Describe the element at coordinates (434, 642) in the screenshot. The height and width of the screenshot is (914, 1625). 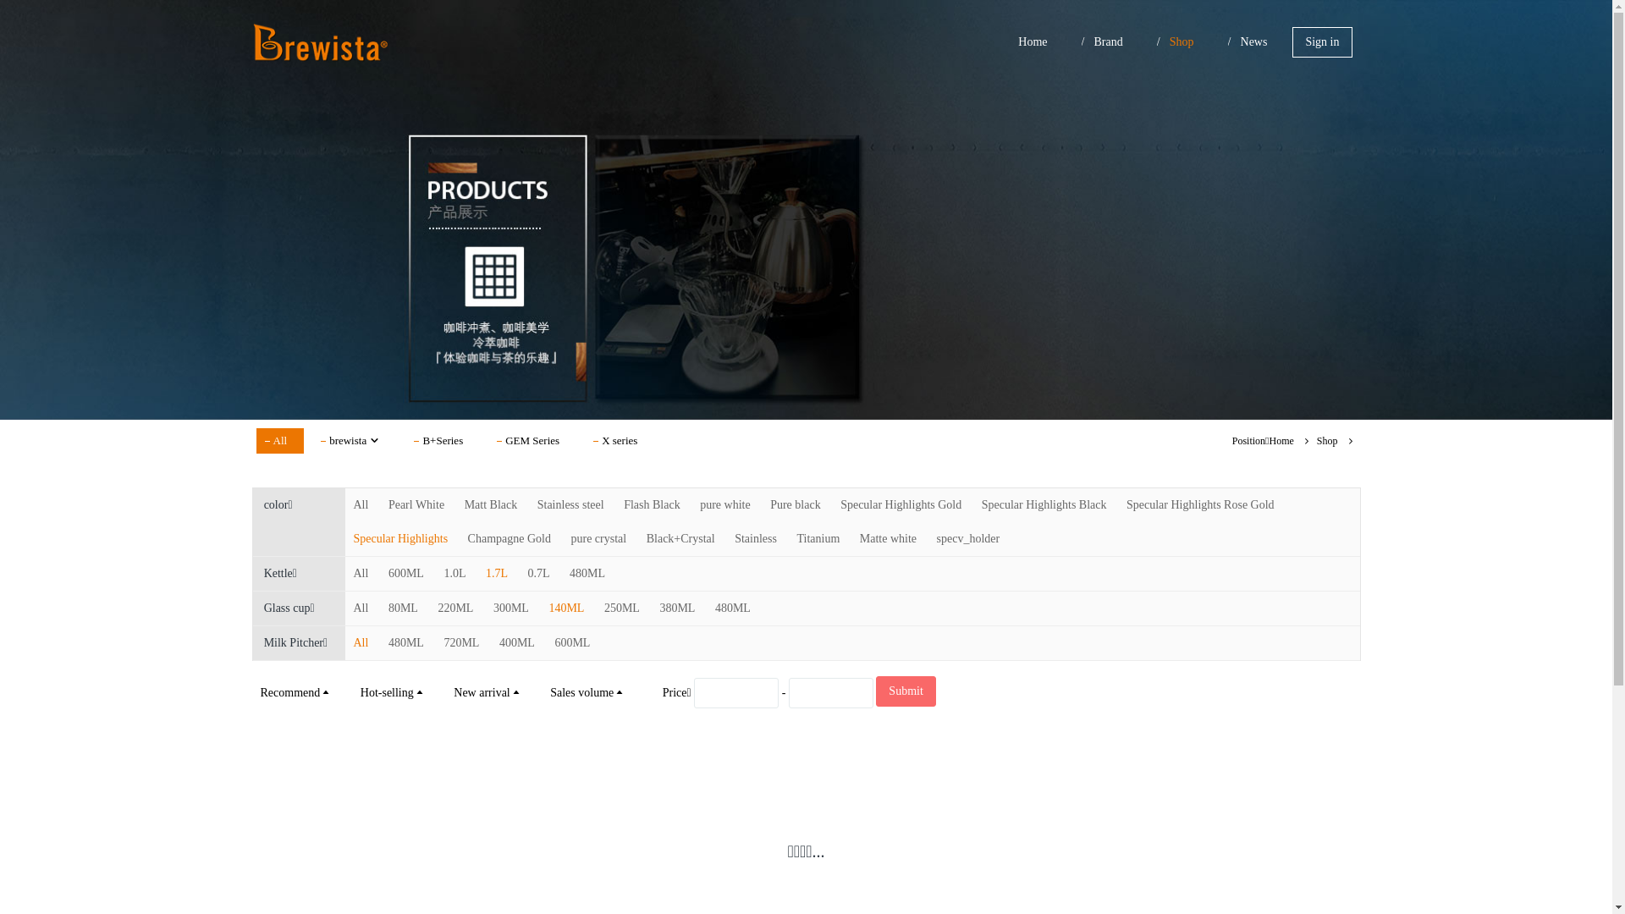
I see `'720ML'` at that location.